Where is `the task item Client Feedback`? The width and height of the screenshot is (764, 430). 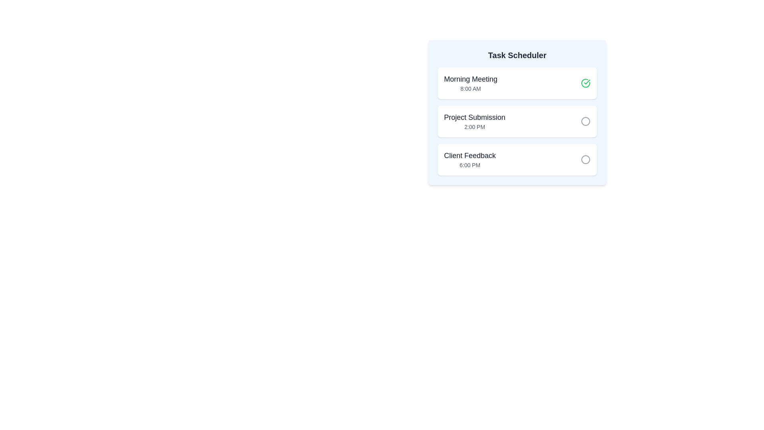
the task item Client Feedback is located at coordinates (517, 160).